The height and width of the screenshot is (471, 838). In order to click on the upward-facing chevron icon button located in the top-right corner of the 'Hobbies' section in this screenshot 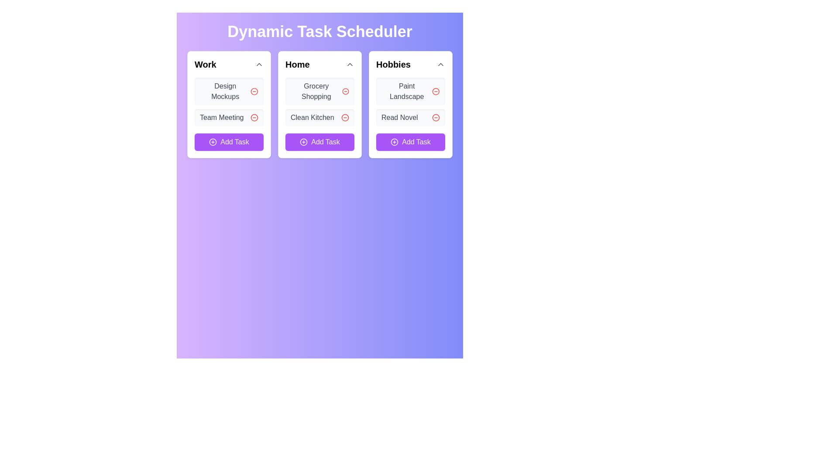, I will do `click(440, 64)`.